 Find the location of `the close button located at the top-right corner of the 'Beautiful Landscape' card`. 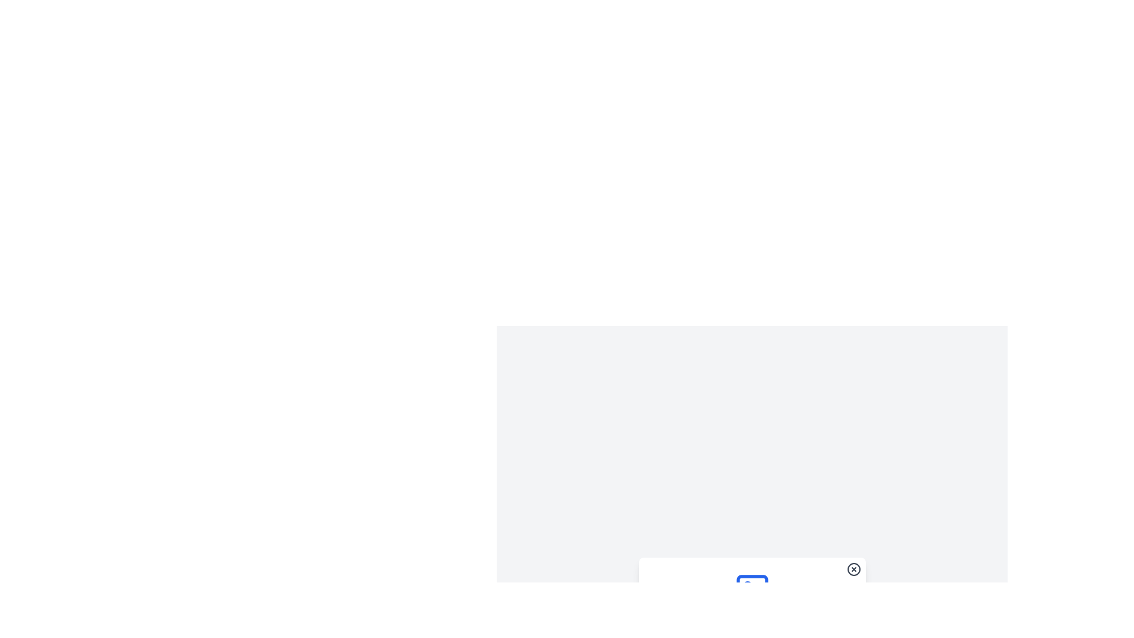

the close button located at the top-right corner of the 'Beautiful Landscape' card is located at coordinates (853, 569).